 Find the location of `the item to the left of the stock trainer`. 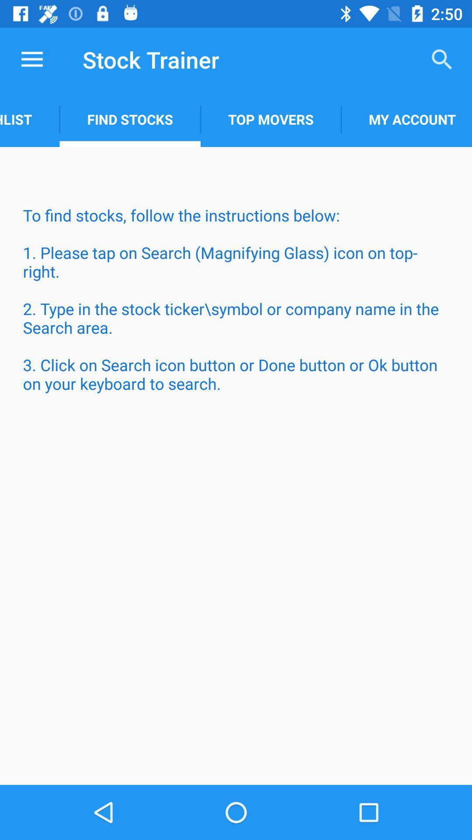

the item to the left of the stock trainer is located at coordinates (31, 59).